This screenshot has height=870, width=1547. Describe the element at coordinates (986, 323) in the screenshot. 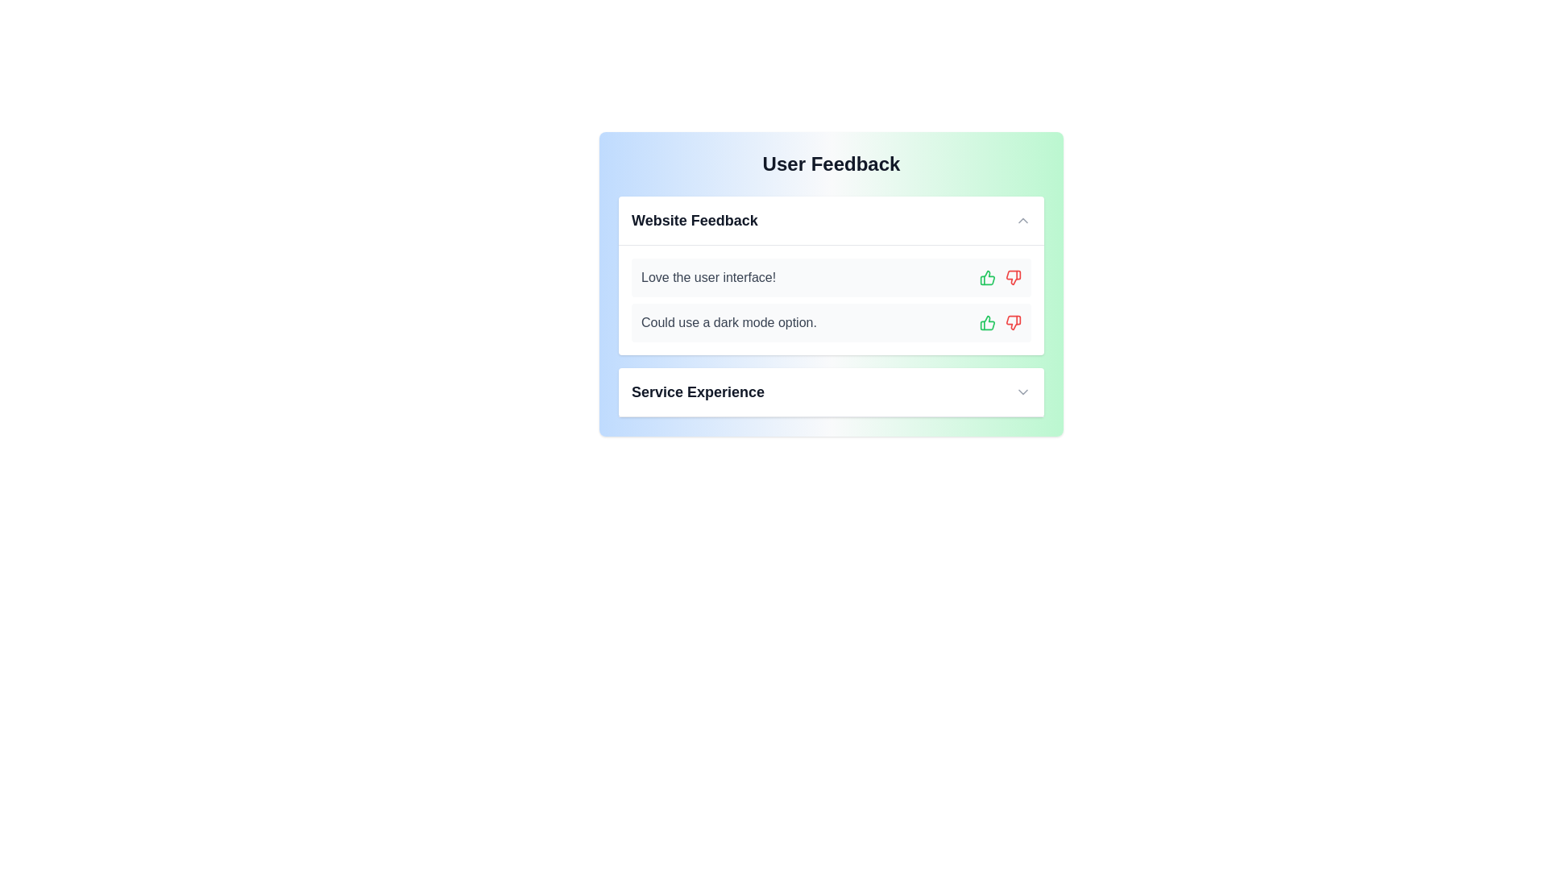

I see `the thumbs up icon for the comment 'Could use a dark mode option.'` at that location.